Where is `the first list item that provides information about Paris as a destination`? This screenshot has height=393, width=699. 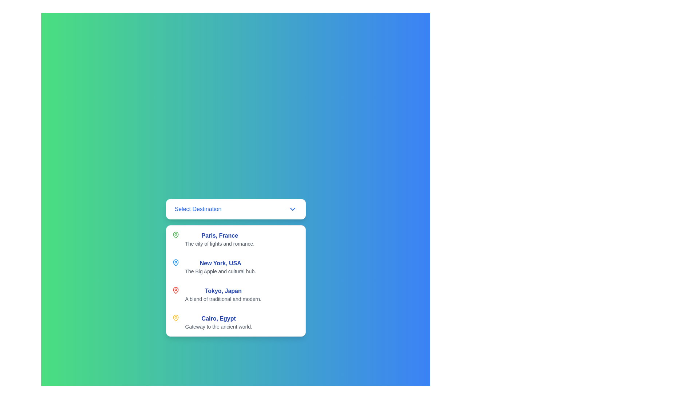 the first list item that provides information about Paris as a destination is located at coordinates (236, 239).